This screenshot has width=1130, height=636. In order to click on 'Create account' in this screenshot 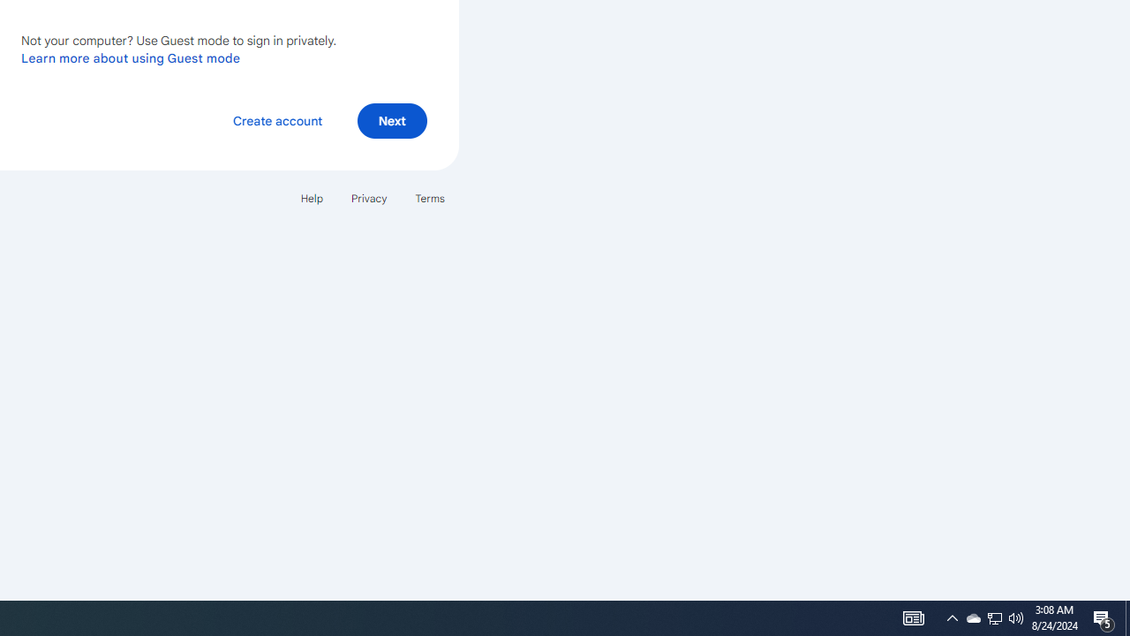, I will do `click(276, 119)`.